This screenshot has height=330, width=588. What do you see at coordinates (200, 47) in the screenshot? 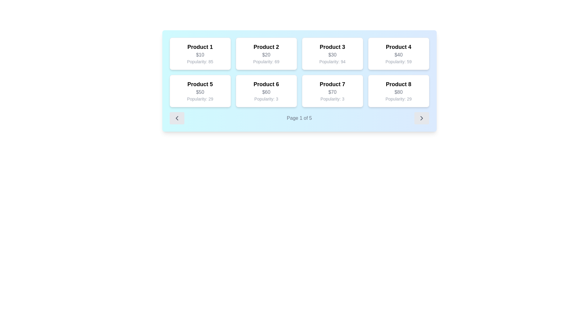
I see `the product name label located at the top of its card component, which displays the title of the product` at bounding box center [200, 47].